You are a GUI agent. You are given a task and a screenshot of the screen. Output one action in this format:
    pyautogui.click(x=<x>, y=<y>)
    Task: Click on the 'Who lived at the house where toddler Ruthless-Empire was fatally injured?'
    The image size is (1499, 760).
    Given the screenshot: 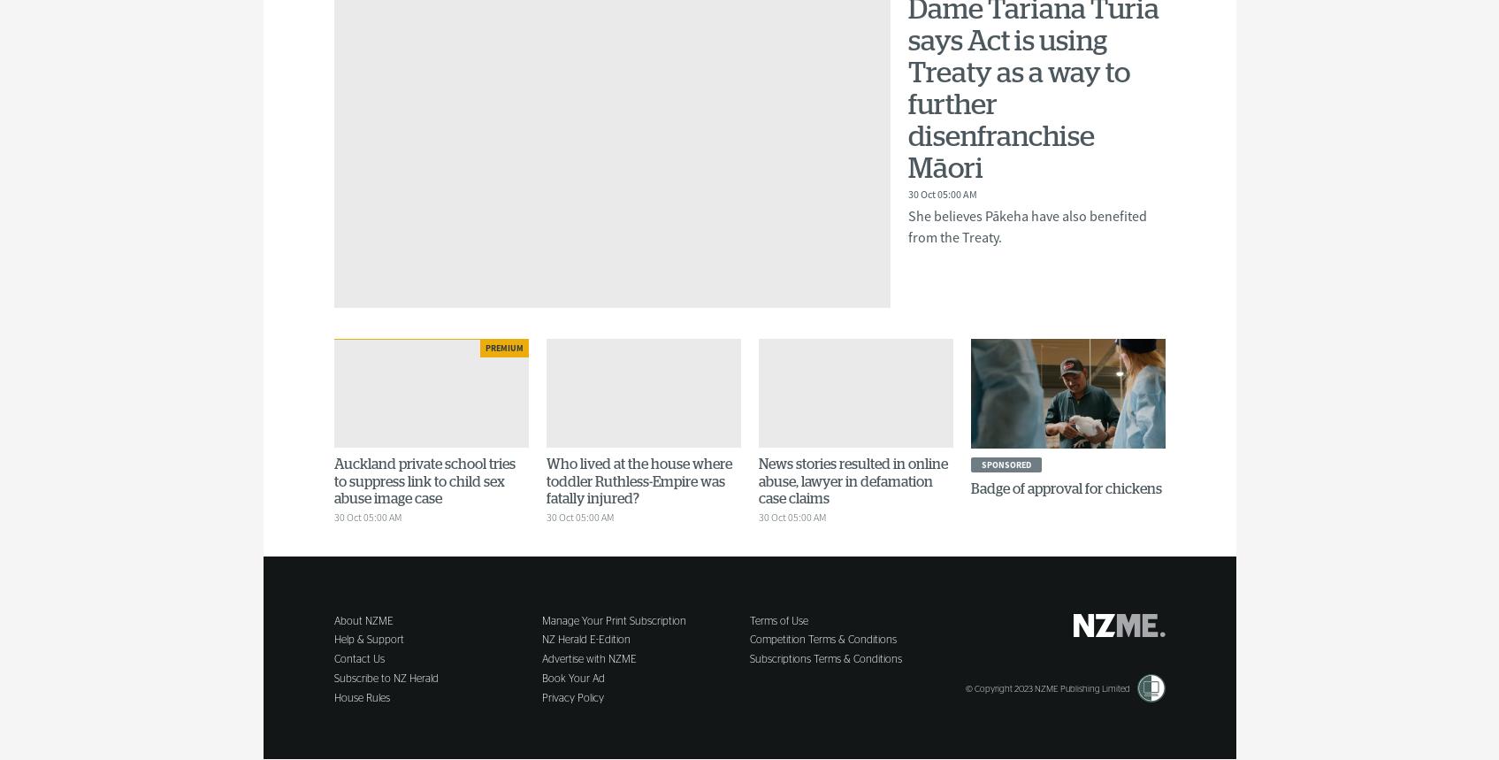 What is the action you would take?
    pyautogui.click(x=638, y=480)
    